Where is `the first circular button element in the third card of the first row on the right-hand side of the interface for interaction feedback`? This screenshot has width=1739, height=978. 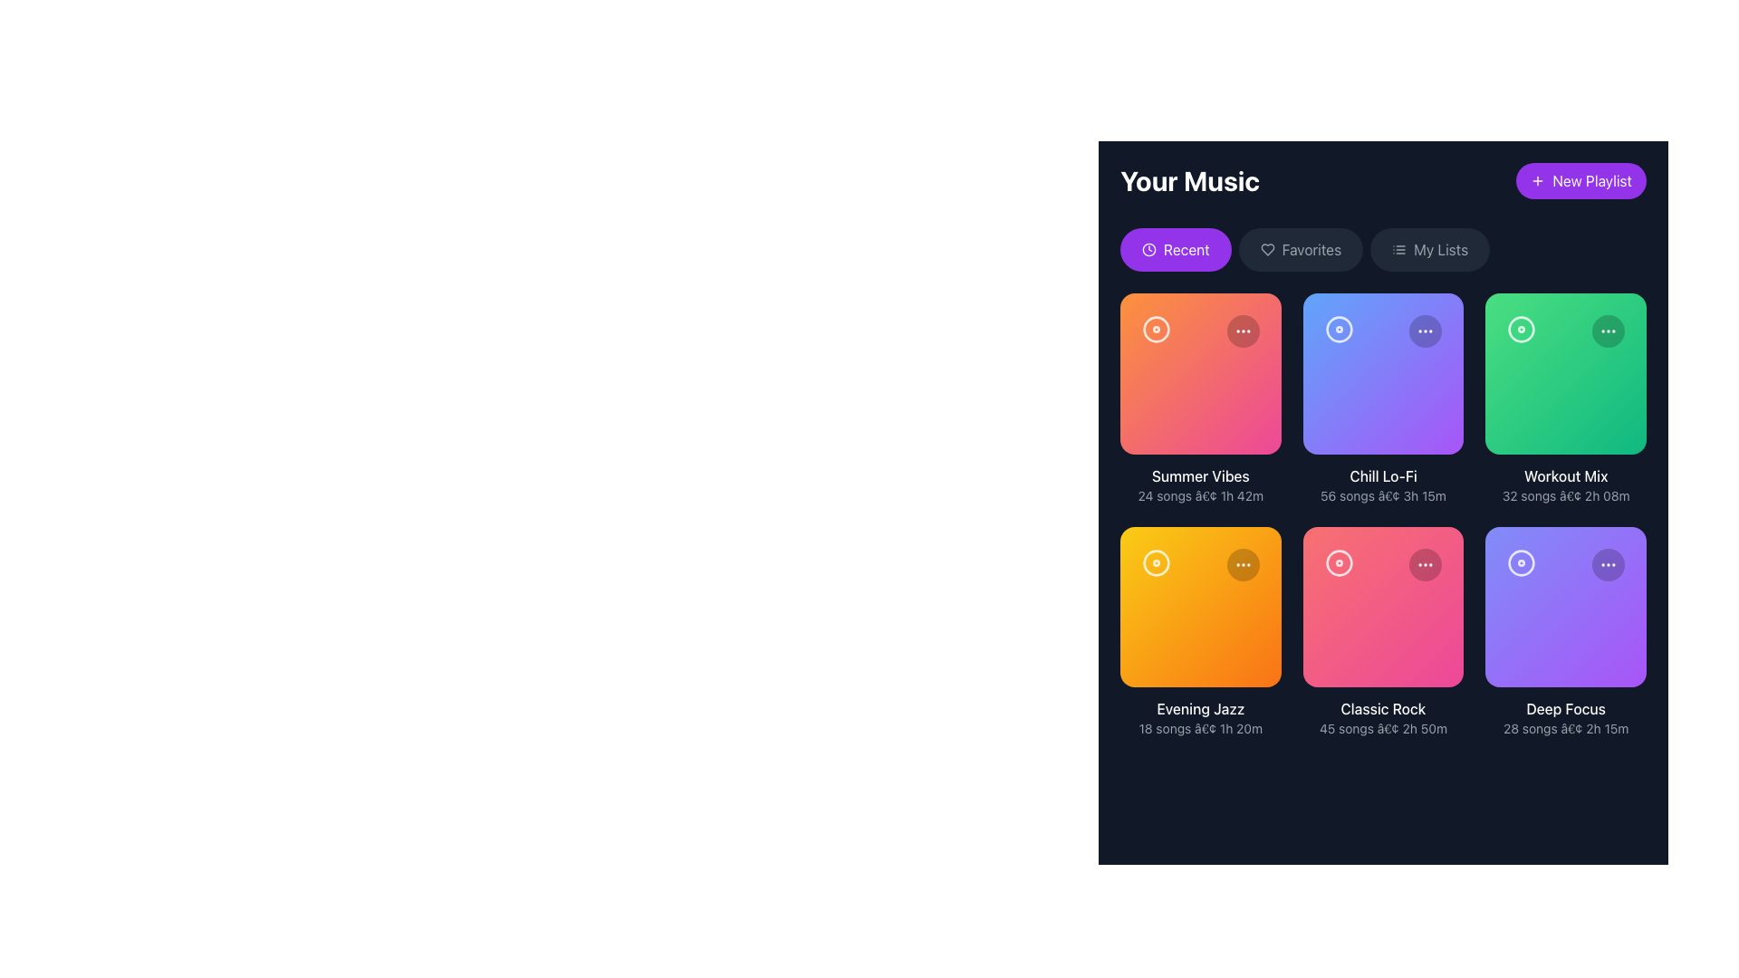 the first circular button element in the third card of the first row on the right-hand side of the interface for interaction feedback is located at coordinates (1339, 329).